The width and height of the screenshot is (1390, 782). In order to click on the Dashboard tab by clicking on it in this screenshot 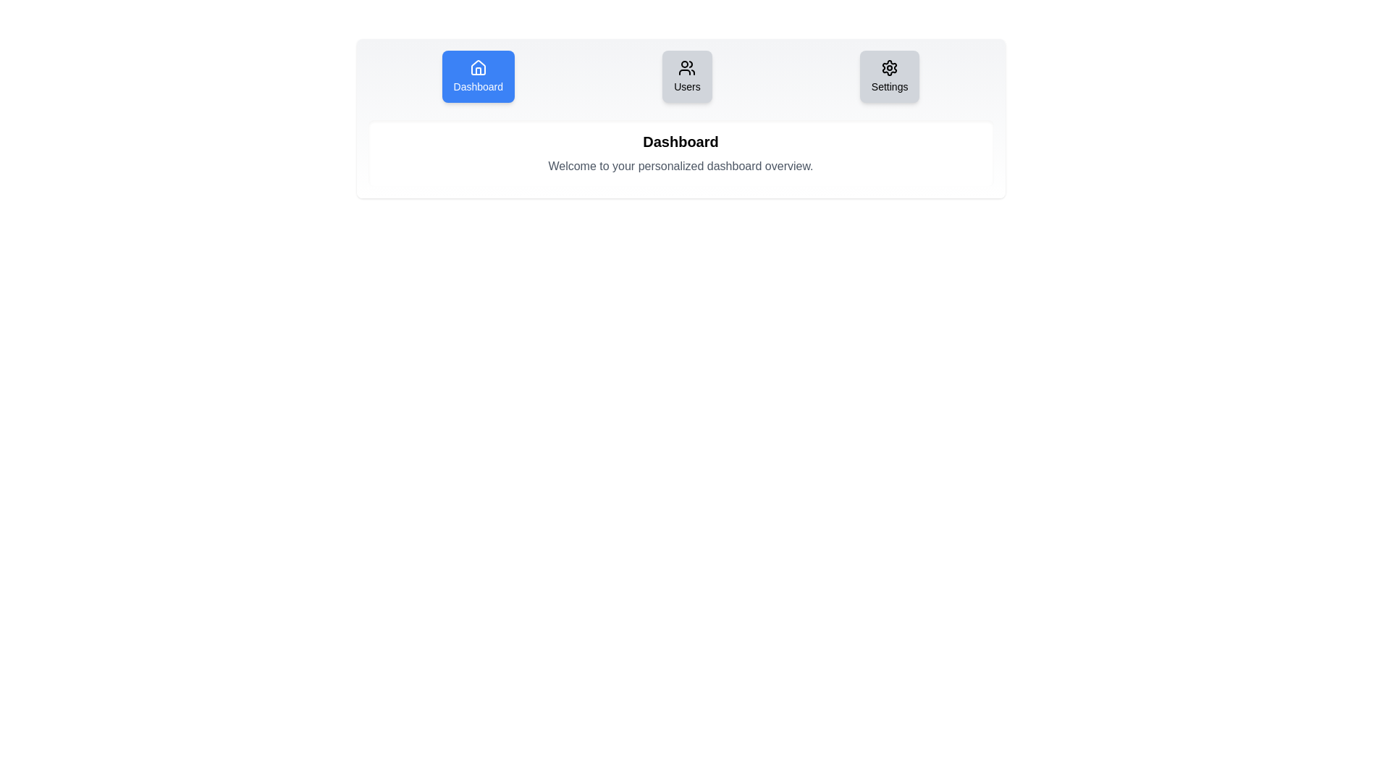, I will do `click(478, 76)`.